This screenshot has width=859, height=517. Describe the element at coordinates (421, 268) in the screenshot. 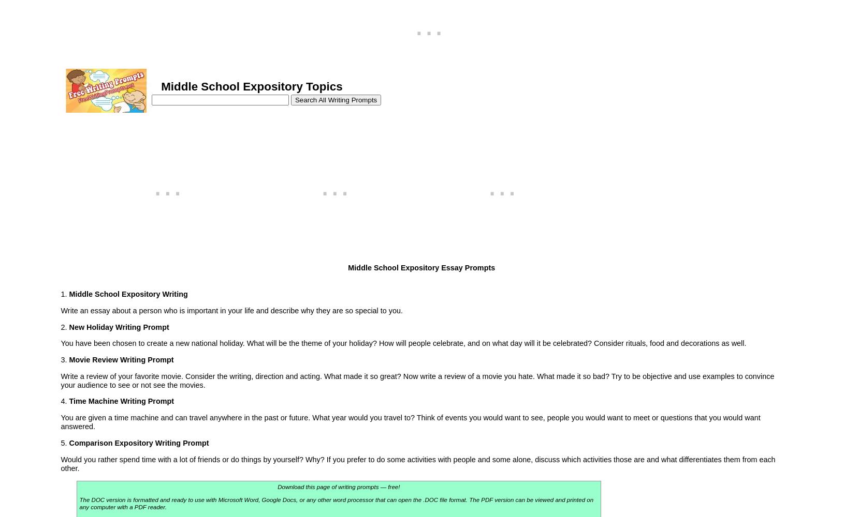

I see `'Middle School Expository Essay Prompts'` at that location.